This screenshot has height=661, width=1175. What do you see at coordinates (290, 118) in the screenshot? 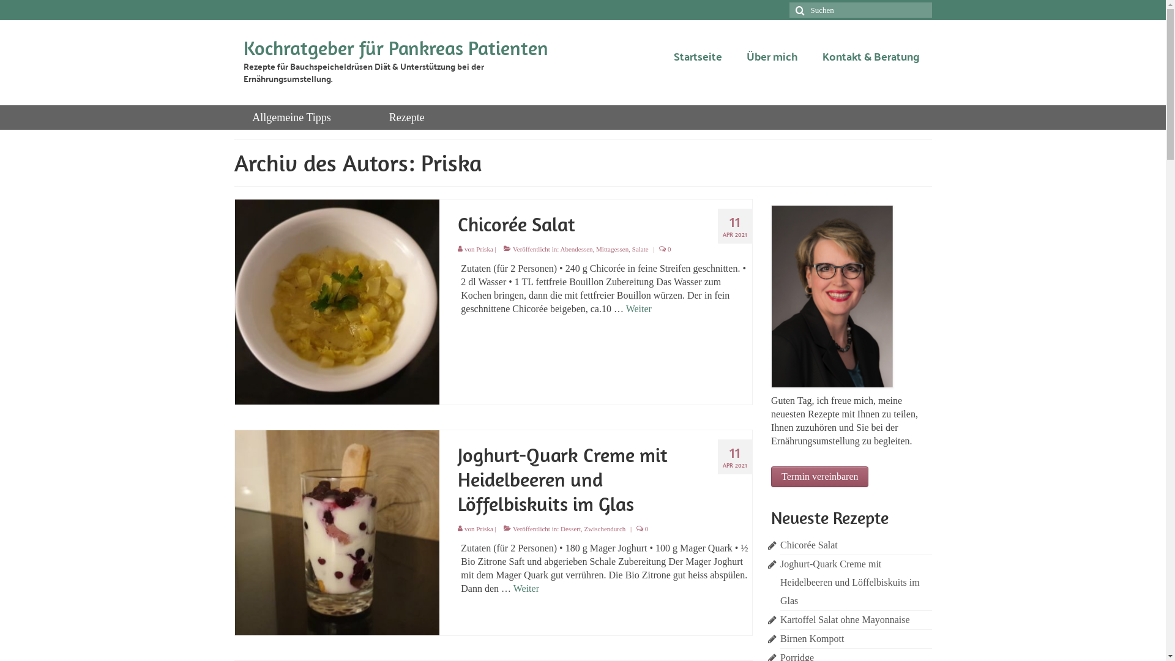
I see `'Allgemeine Tipps'` at bounding box center [290, 118].